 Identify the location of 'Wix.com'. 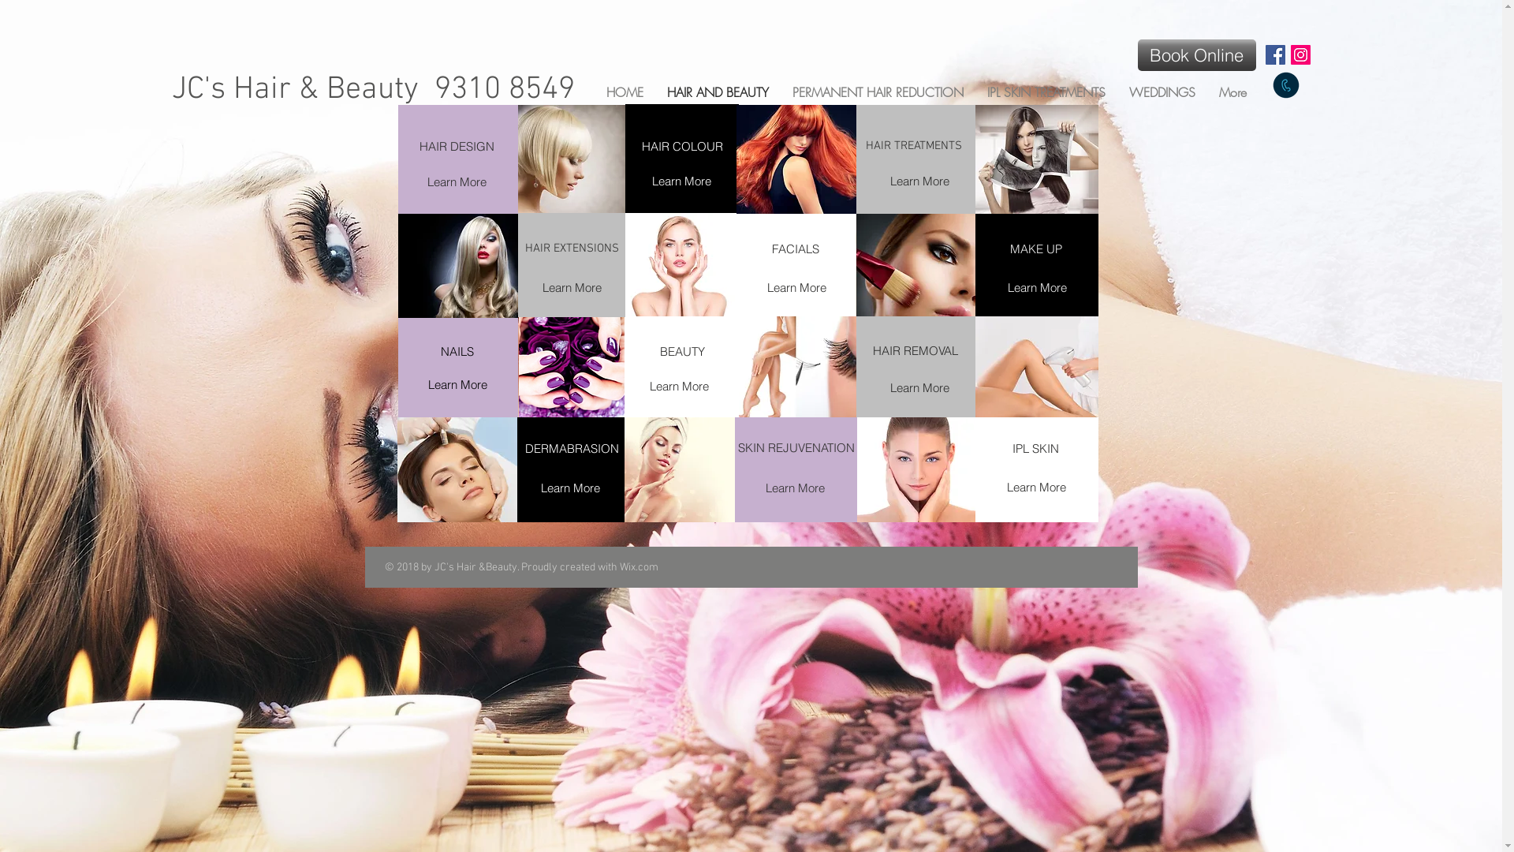
(639, 566).